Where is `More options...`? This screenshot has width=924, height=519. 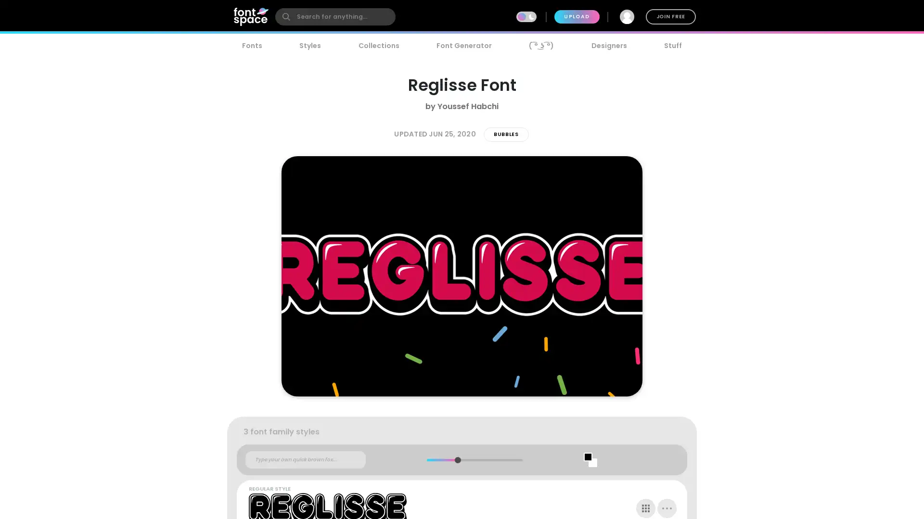
More options... is located at coordinates (667, 507).